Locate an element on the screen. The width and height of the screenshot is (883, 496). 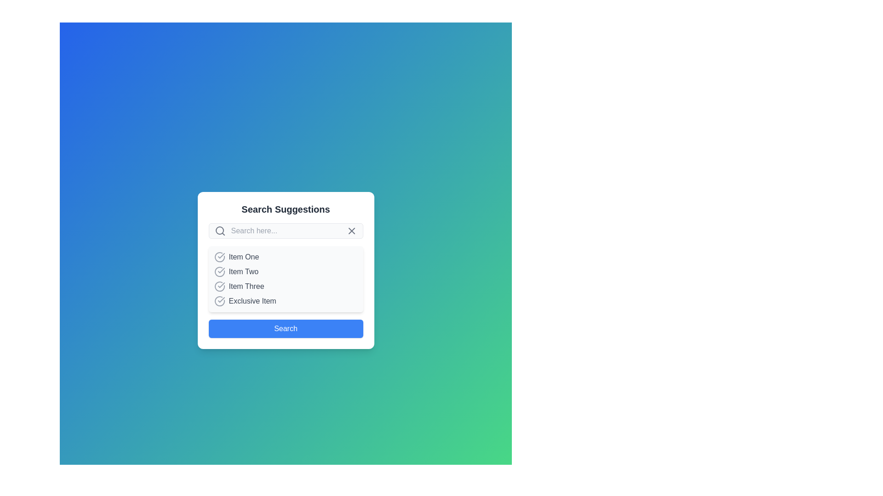
the checkmark icon, which is a gray outlined SVG checkmark indicating selection or confirmation, located to the left of 'Item Three' in a dropdown menu is located at coordinates (221, 285).